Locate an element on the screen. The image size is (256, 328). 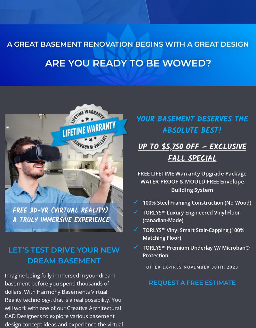
'FREE LIFETIME Warranty Upgrade Package' is located at coordinates (192, 173).